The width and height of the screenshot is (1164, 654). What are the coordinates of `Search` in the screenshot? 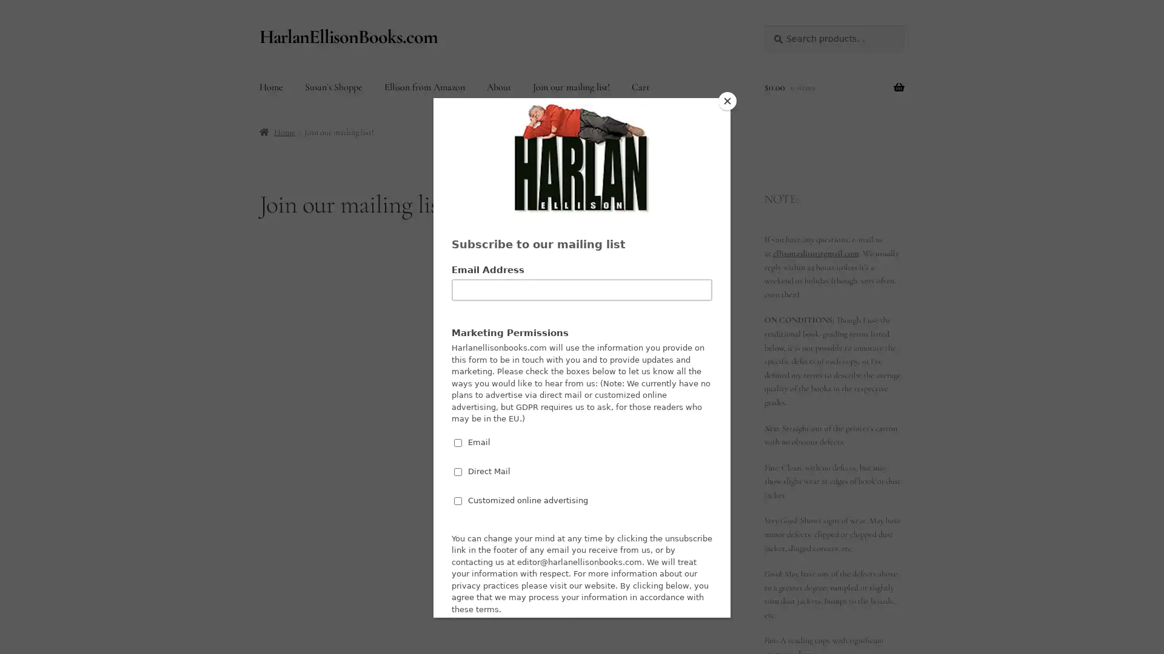 It's located at (763, 24).